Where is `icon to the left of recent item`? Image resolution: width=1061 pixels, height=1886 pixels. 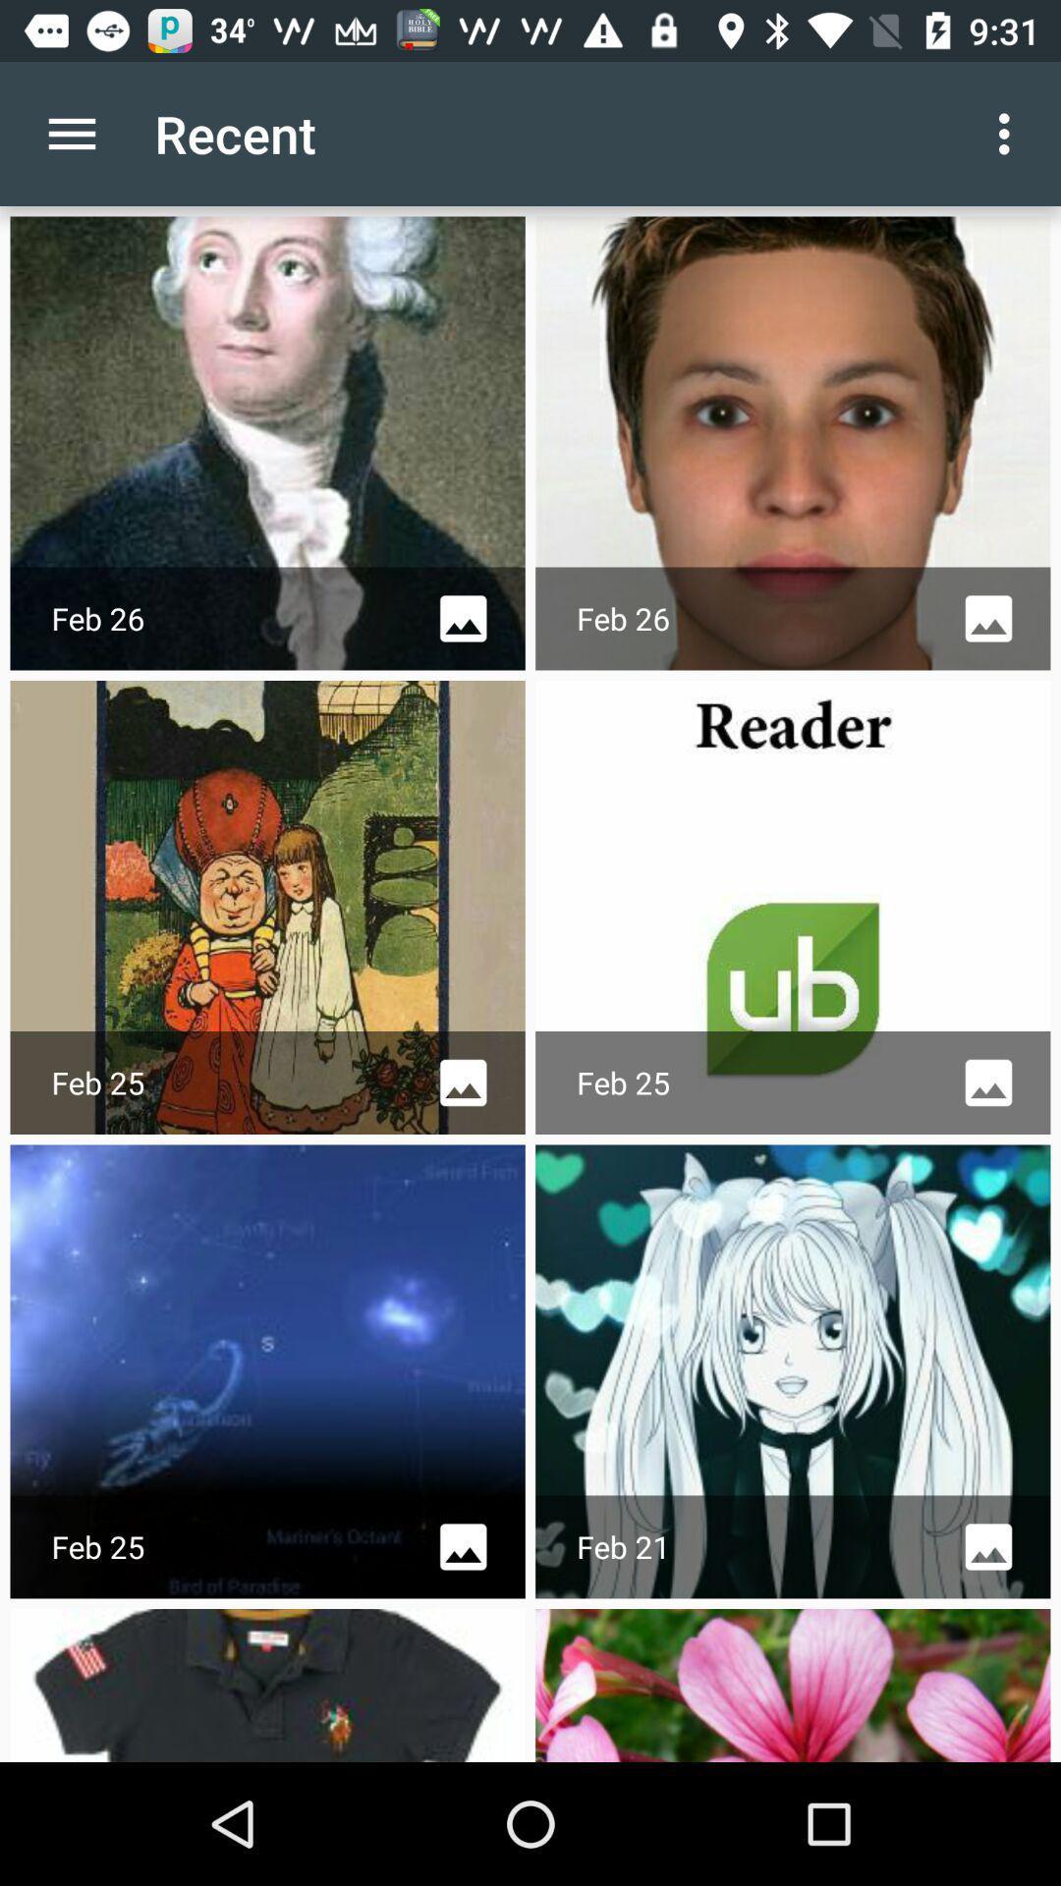
icon to the left of recent item is located at coordinates (71, 133).